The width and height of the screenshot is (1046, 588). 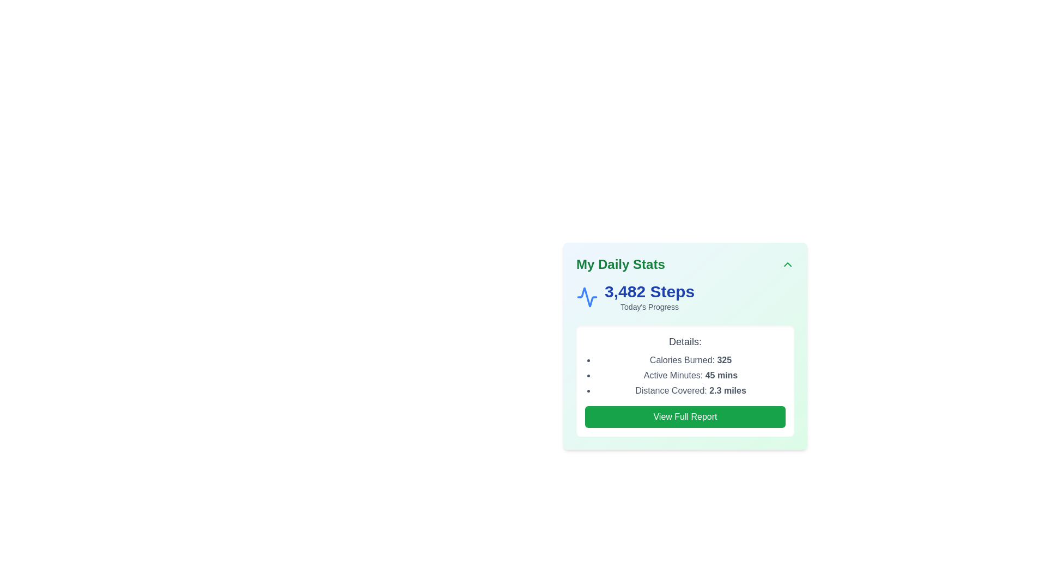 What do you see at coordinates (690, 390) in the screenshot?
I see `static display text showing 'Distance Covered: 2.3 miles' which is the third item in a bulleted list of statistics within the 'Details' section` at bounding box center [690, 390].